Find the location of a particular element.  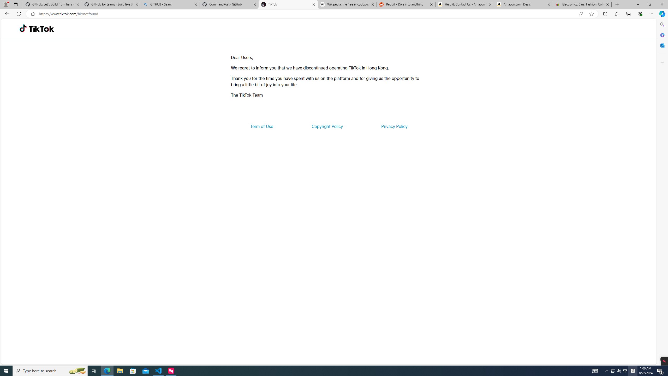

'Term of Use' is located at coordinates (261, 126).